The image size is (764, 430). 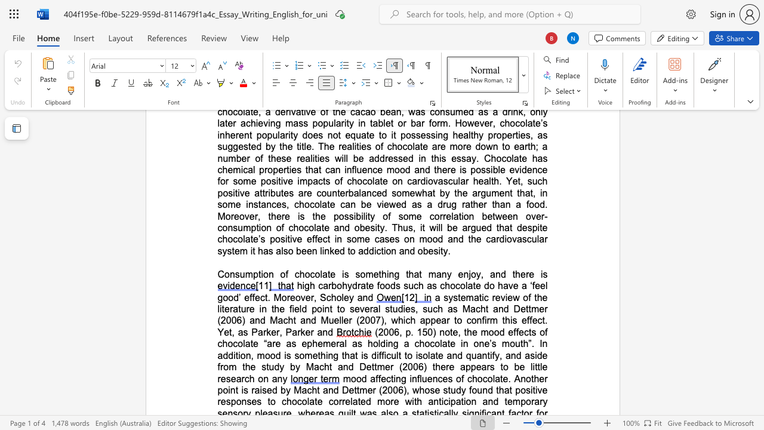 What do you see at coordinates (541, 274) in the screenshot?
I see `the 4th character "i" in the text` at bounding box center [541, 274].